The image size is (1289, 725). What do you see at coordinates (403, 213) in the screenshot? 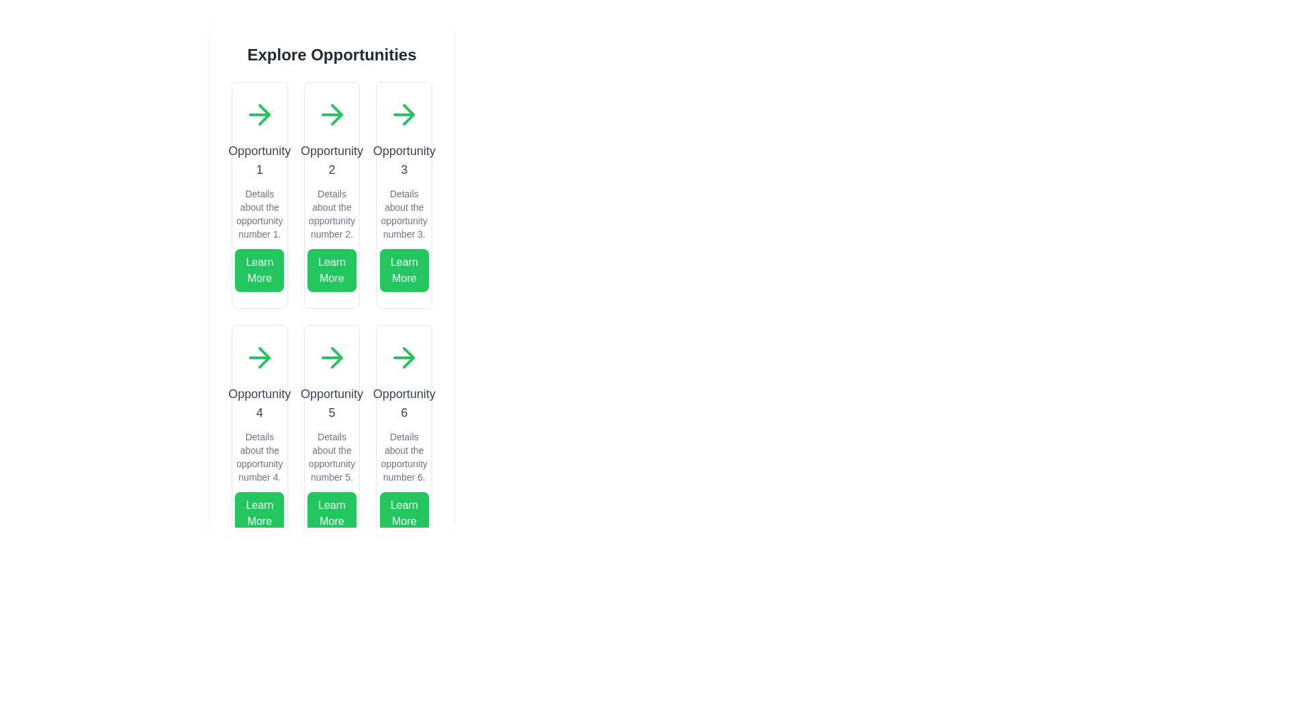
I see `text content of the Text display stating 'Details about the opportunity number 3.' which is styled in gray and centered within the 'Opportunity 3' column` at bounding box center [403, 213].